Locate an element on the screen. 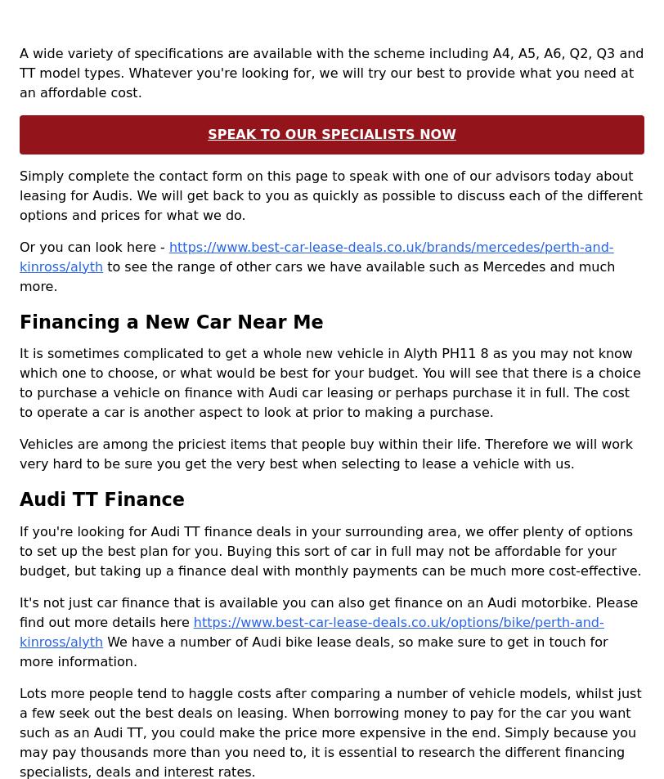  'Vehicles are among the priciest items that people buy within their life. Therefore we will work very hard to be sure you get the very best when selecting to lease a vehicle with us.' is located at coordinates (325, 454).